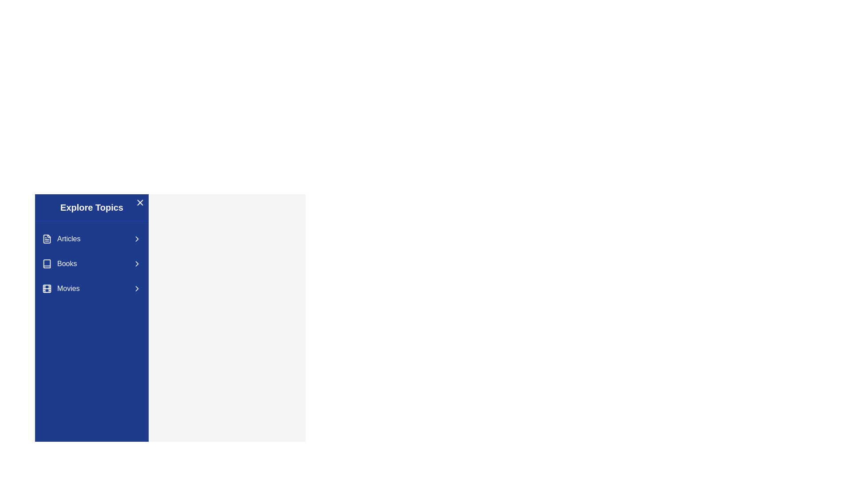  What do you see at coordinates (136, 263) in the screenshot?
I see `the Chevron icon located to the right of the 'Books' entry in the vertical navigation menu, which indicates an expandable menu option` at bounding box center [136, 263].